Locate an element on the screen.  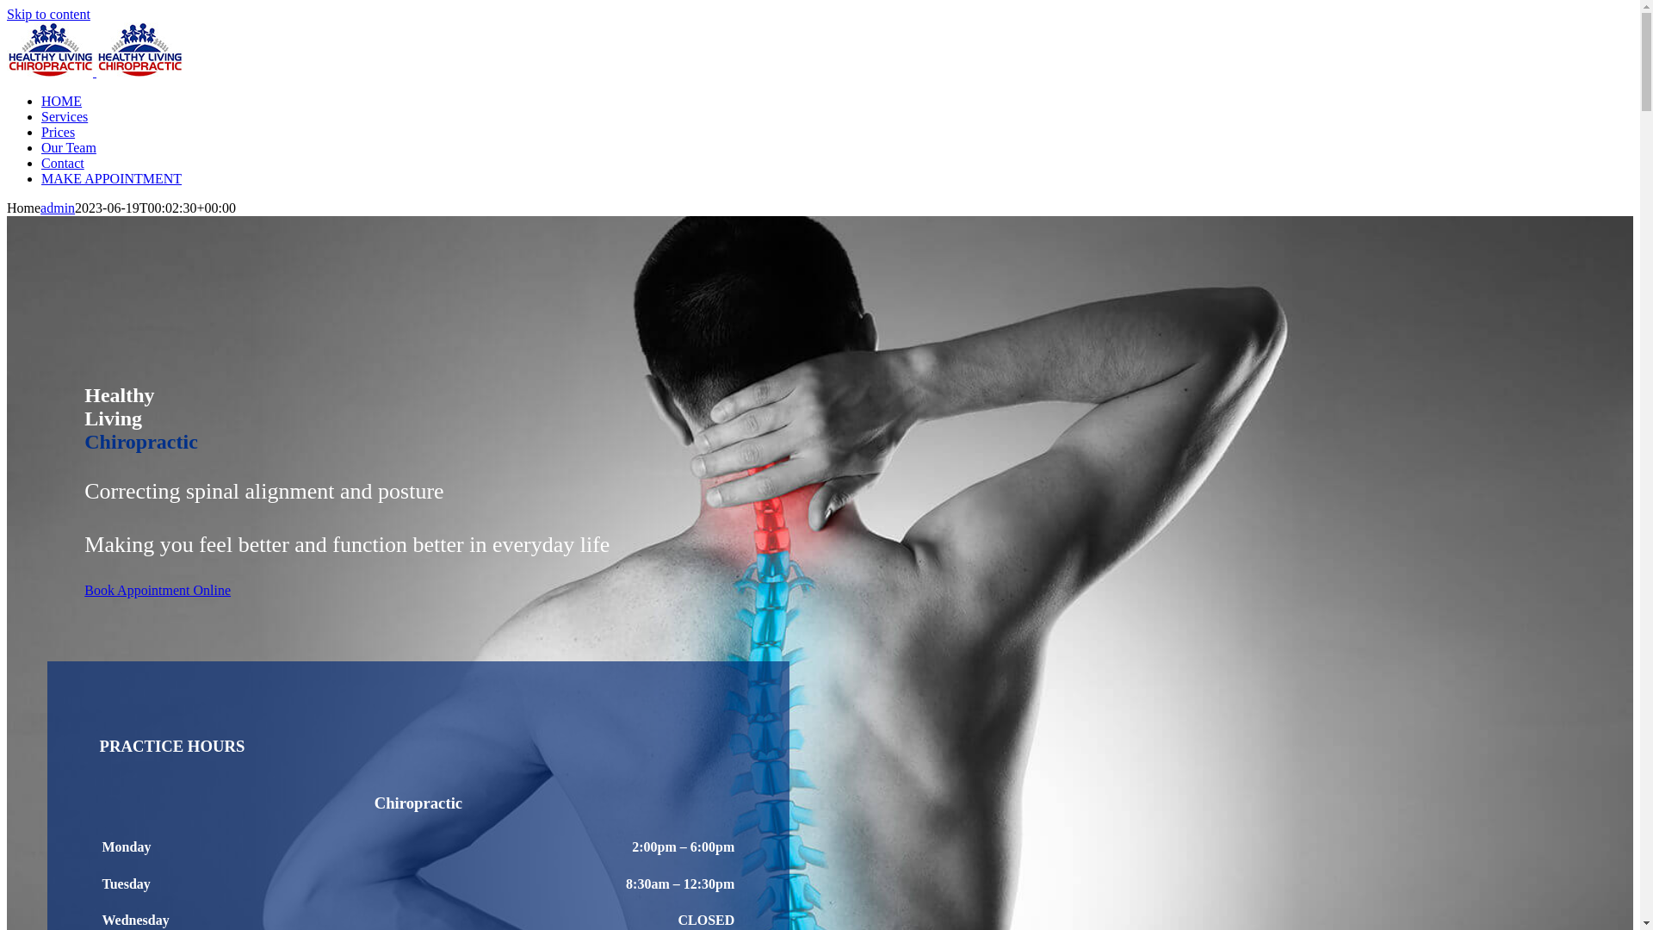
'Book Appointment Online' is located at coordinates (157, 589).